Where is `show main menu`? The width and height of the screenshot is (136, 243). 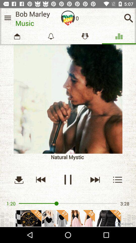
show main menu is located at coordinates (7, 18).